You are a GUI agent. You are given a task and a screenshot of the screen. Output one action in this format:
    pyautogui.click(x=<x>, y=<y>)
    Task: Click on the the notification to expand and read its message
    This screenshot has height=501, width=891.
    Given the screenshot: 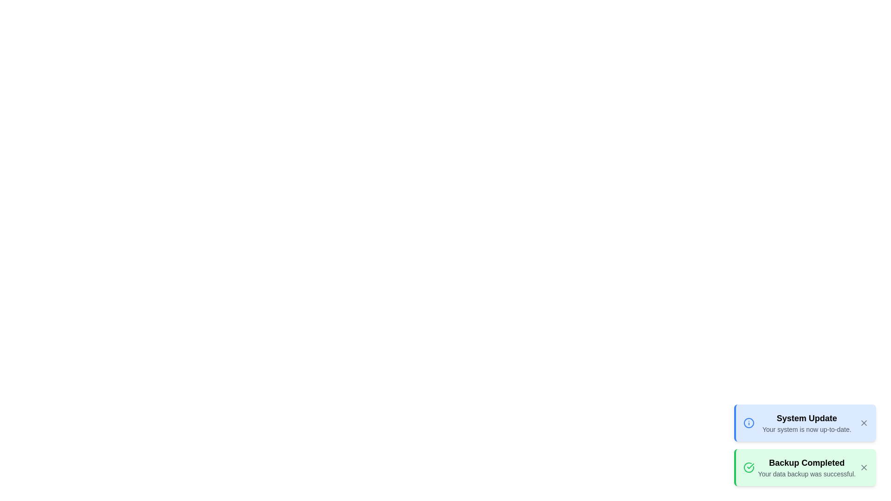 What is the action you would take?
    pyautogui.click(x=804, y=445)
    